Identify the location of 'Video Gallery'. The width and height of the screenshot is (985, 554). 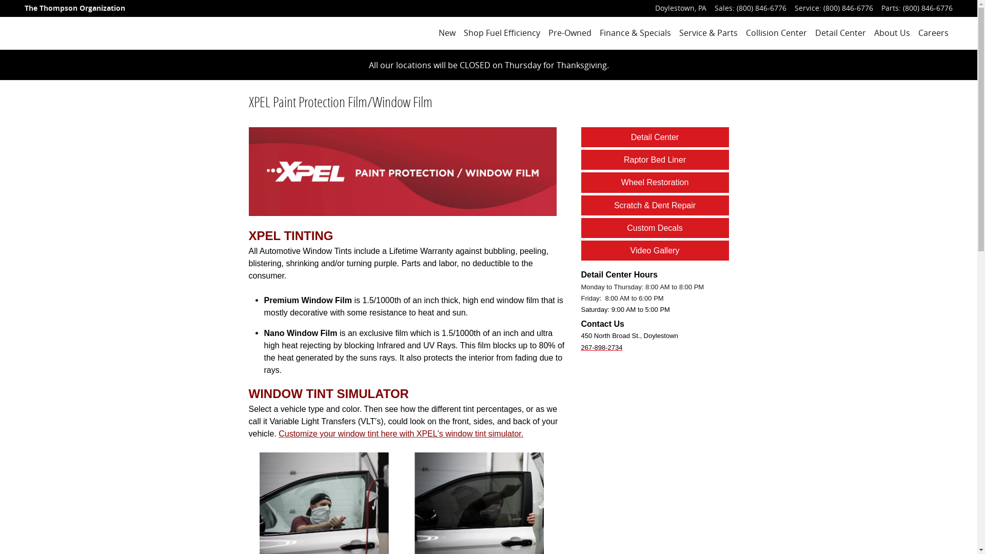
(654, 250).